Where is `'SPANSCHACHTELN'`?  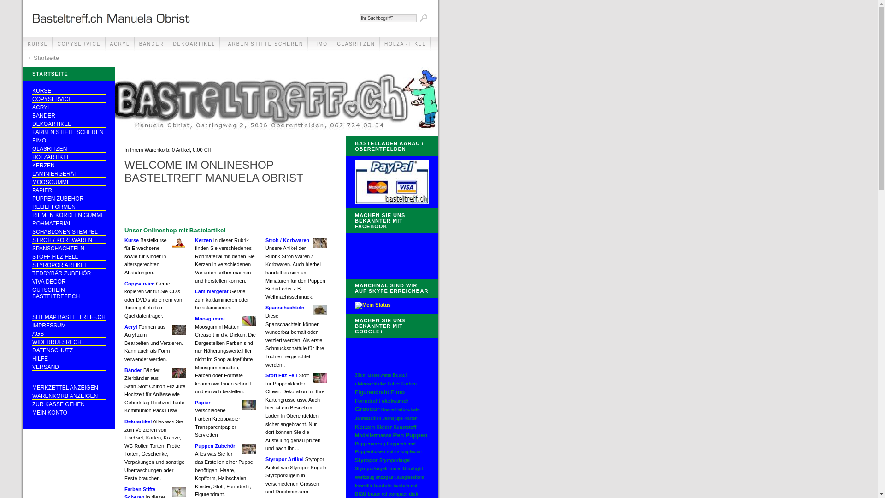
'SPANSCHACHTELN' is located at coordinates (32, 248).